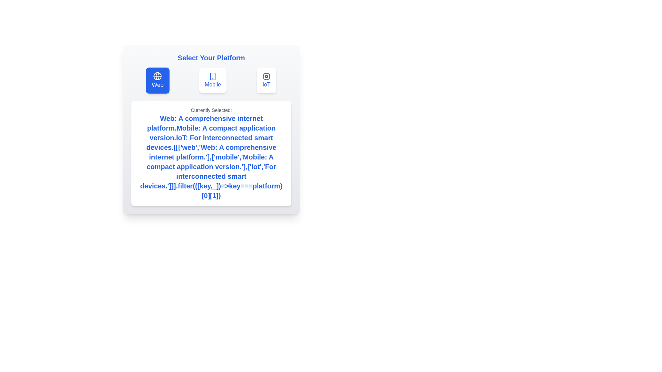  Describe the element at coordinates (157, 80) in the screenshot. I see `the button corresponding to the platform Web to select it` at that location.